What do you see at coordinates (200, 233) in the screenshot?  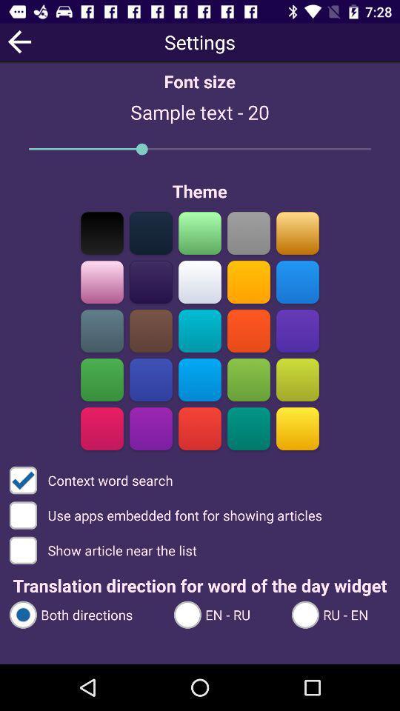 I see `change theme to green` at bounding box center [200, 233].